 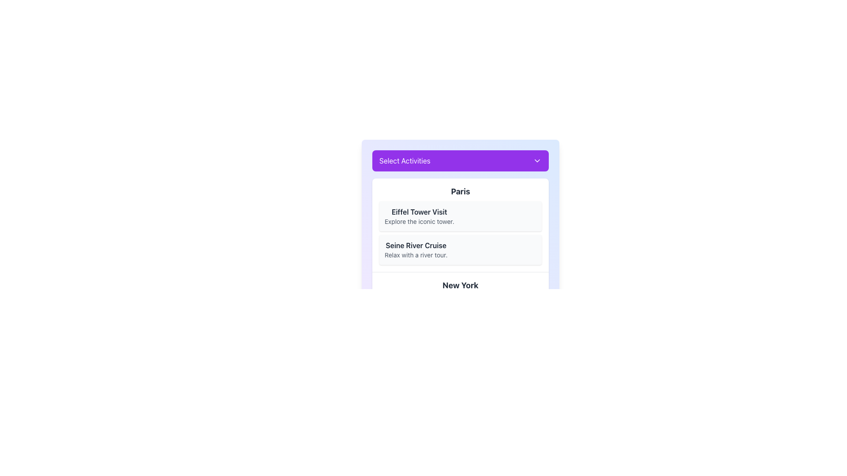 I want to click on the top entry of the list item with dual-line text related to visiting the Eiffel Tower in the 'Paris' subsection to trigger visual feedback, so click(x=419, y=216).